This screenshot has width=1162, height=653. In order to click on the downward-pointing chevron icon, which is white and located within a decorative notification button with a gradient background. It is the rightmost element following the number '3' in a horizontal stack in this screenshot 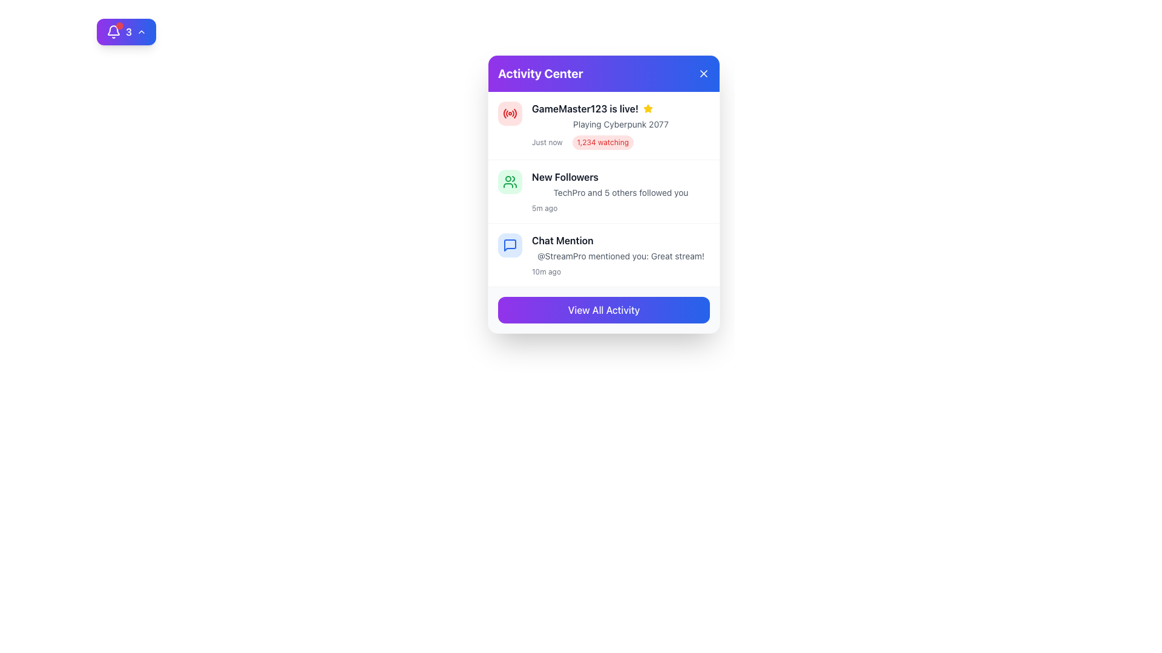, I will do `click(142, 31)`.